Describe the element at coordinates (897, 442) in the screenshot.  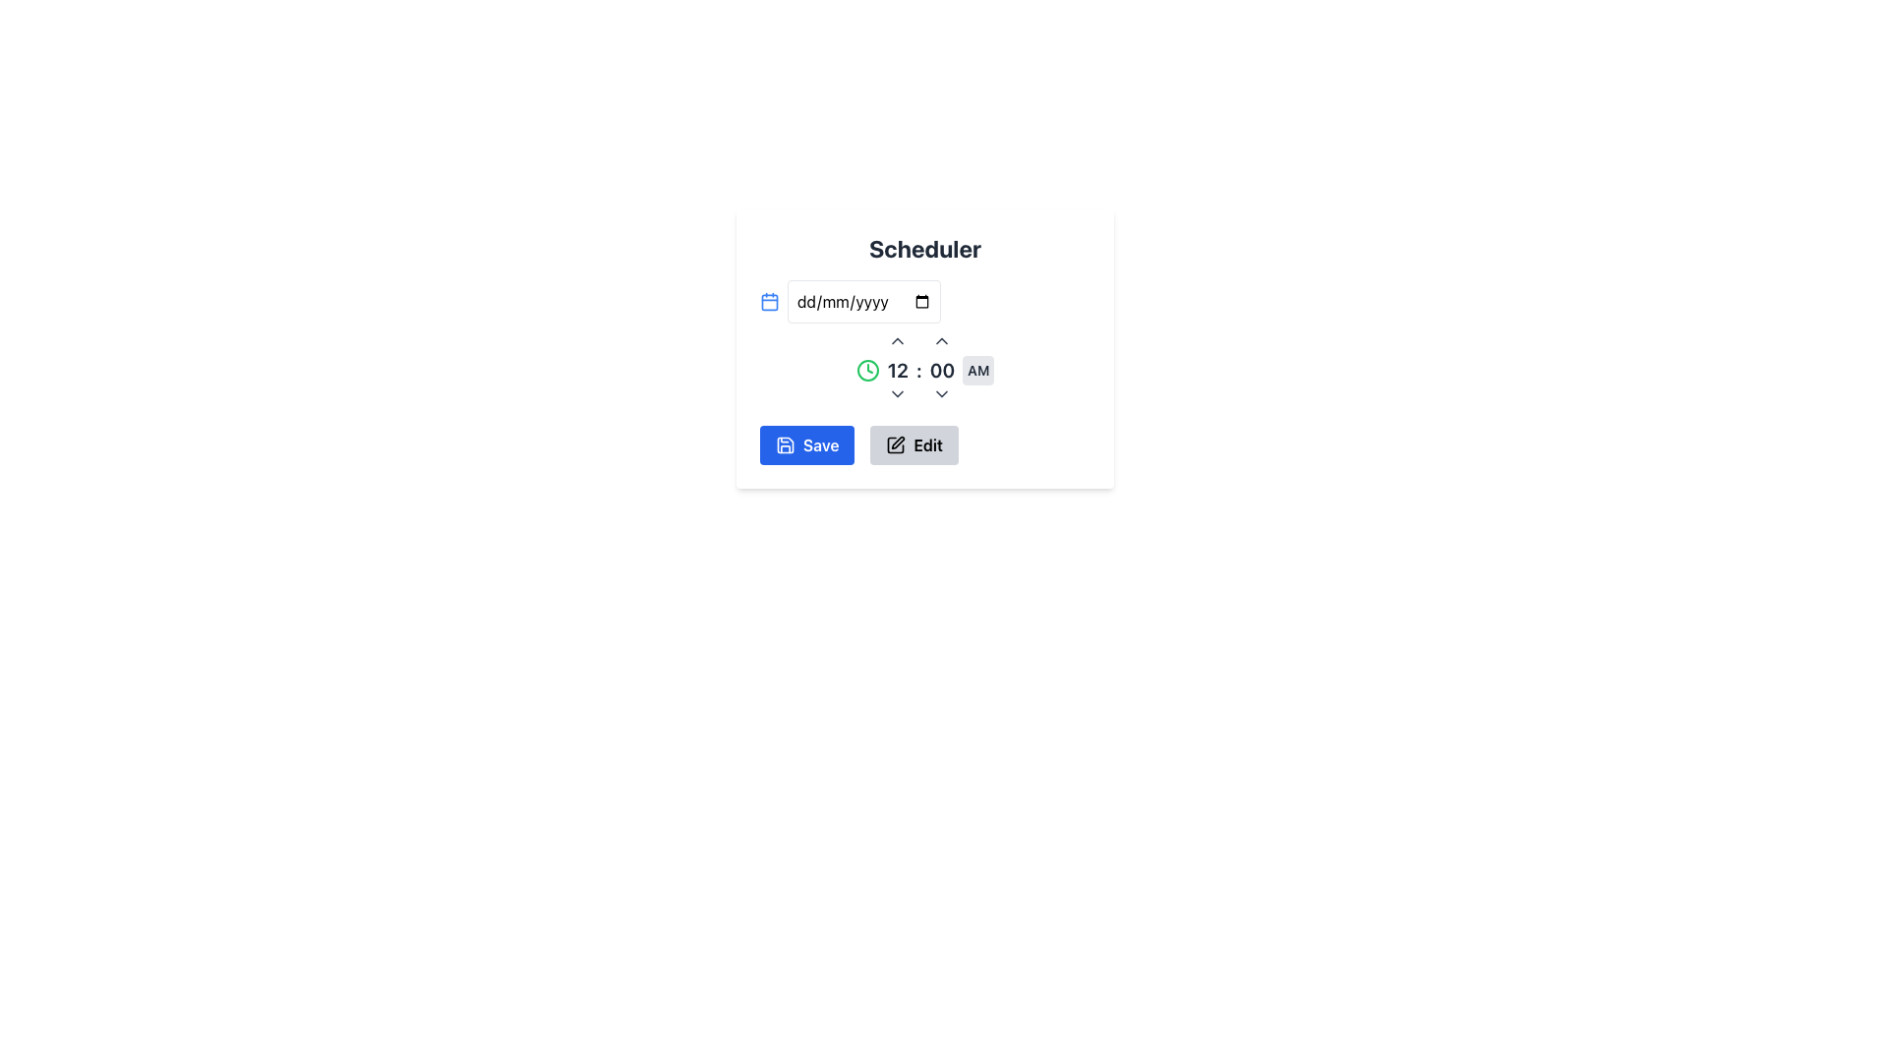
I see `the second icon button located to the right of the blue 'Save' button` at that location.